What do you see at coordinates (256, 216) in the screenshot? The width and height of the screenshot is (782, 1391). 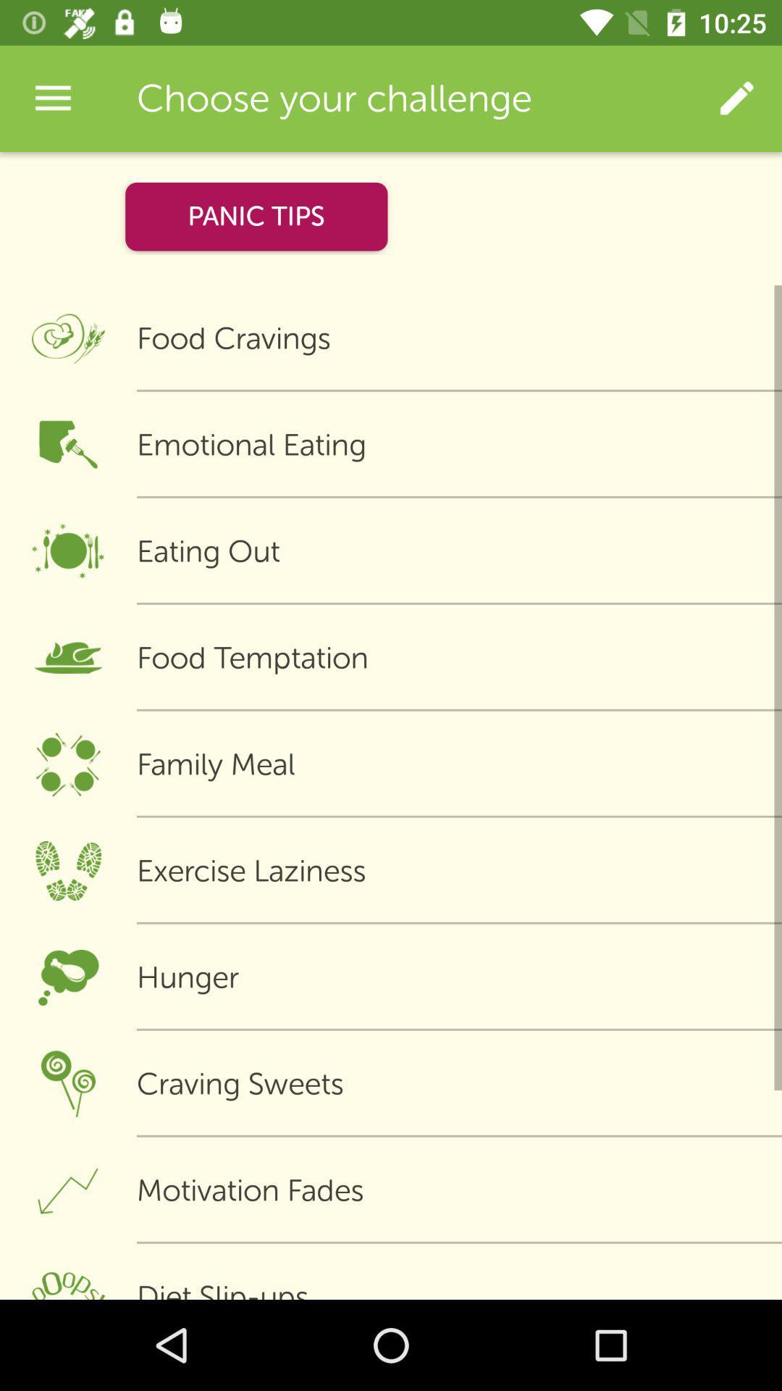 I see `the panic tips icon` at bounding box center [256, 216].